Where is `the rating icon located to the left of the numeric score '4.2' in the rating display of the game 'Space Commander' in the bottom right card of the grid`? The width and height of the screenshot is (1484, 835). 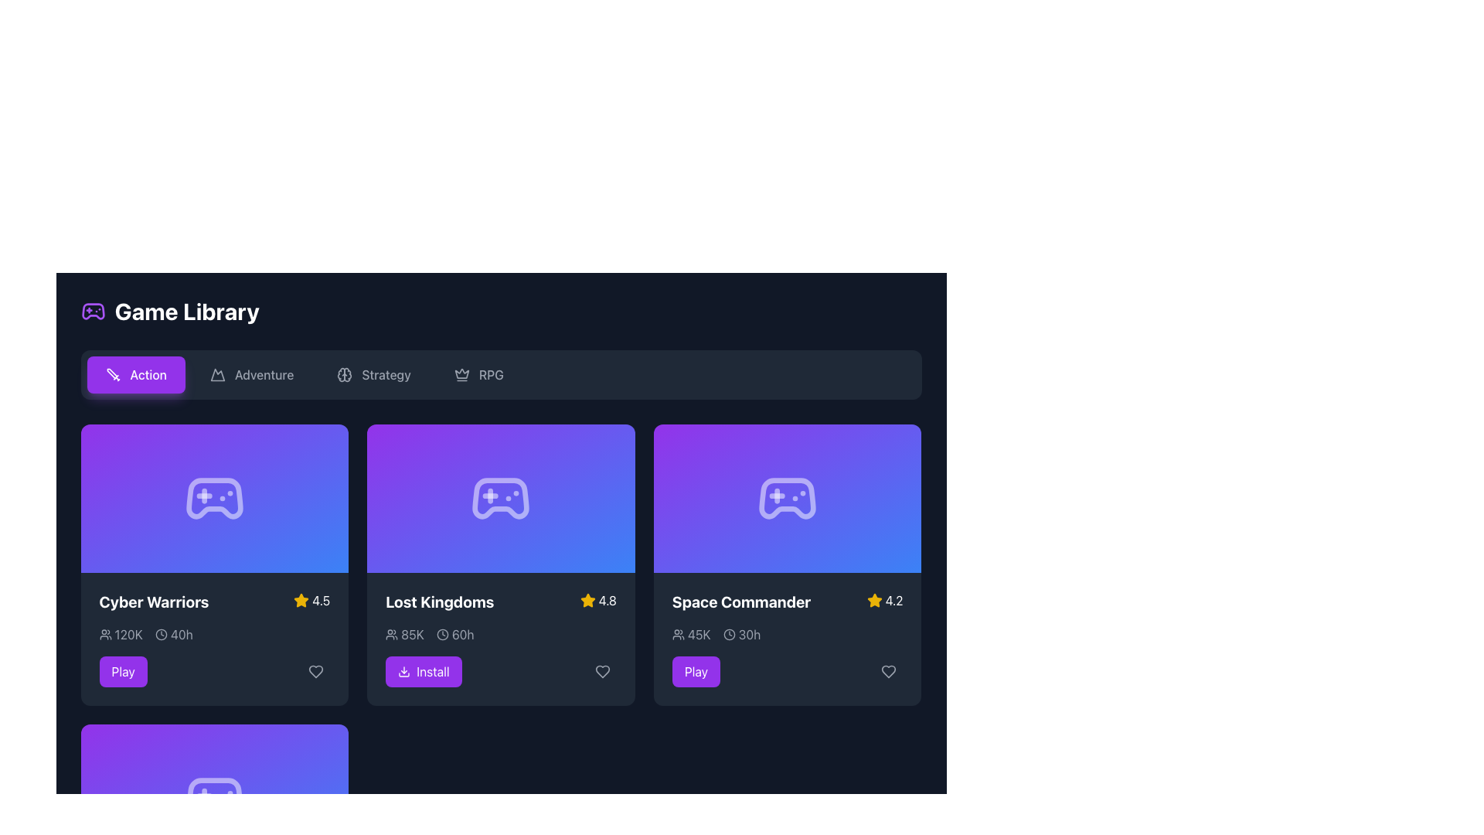 the rating icon located to the left of the numeric score '4.2' in the rating display of the game 'Space Commander' in the bottom right card of the grid is located at coordinates (874, 599).